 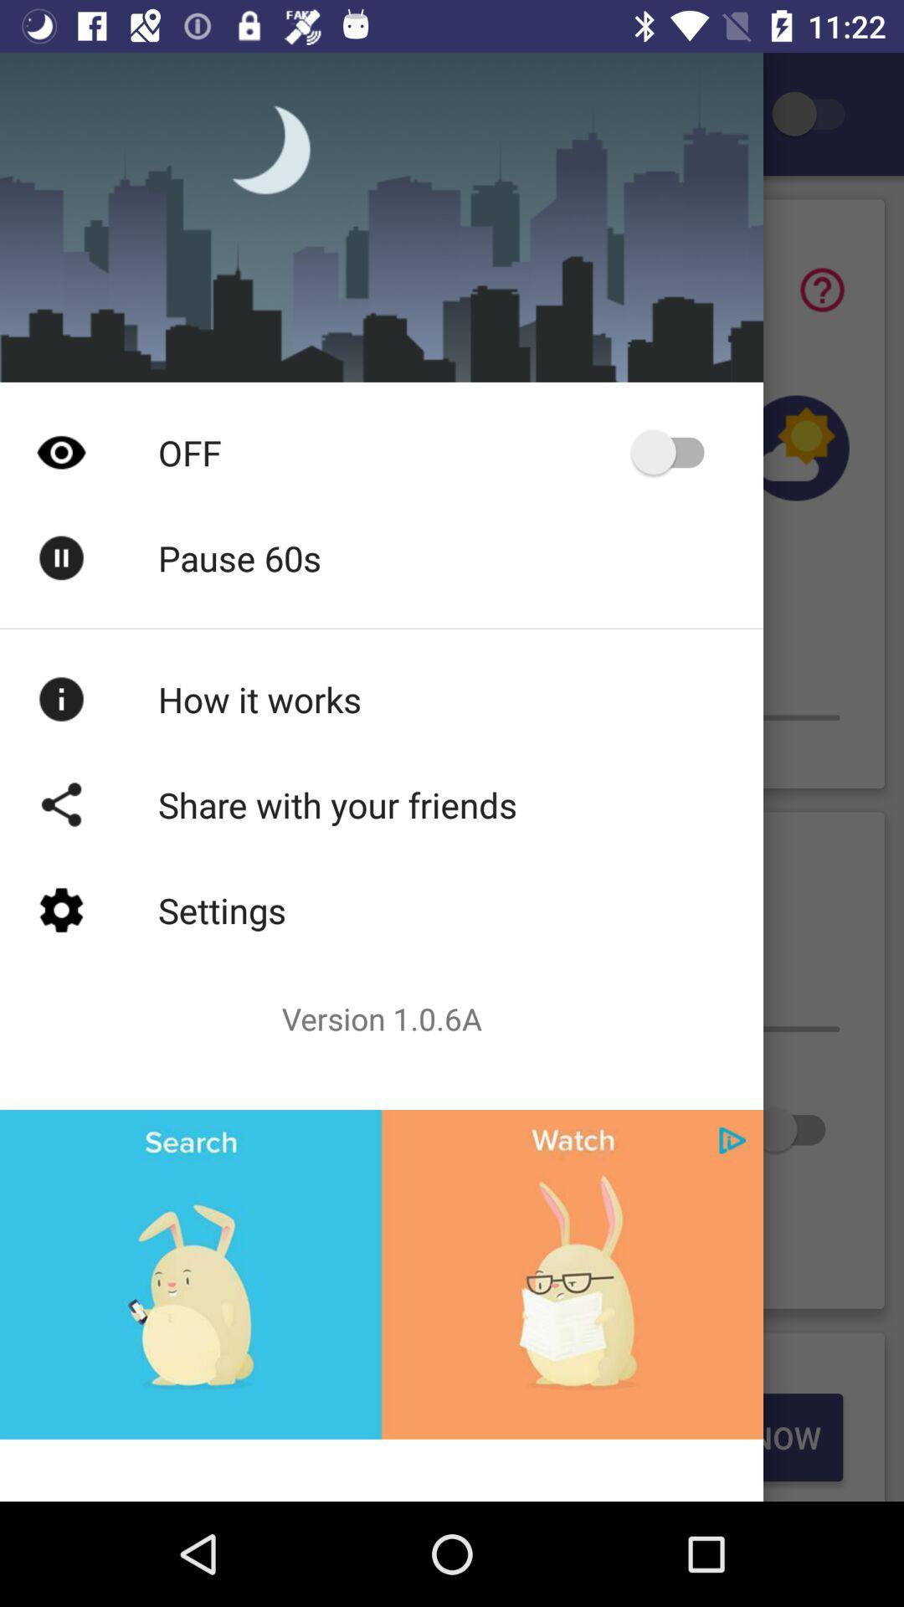 I want to click on autoplay page, so click(x=675, y=452).